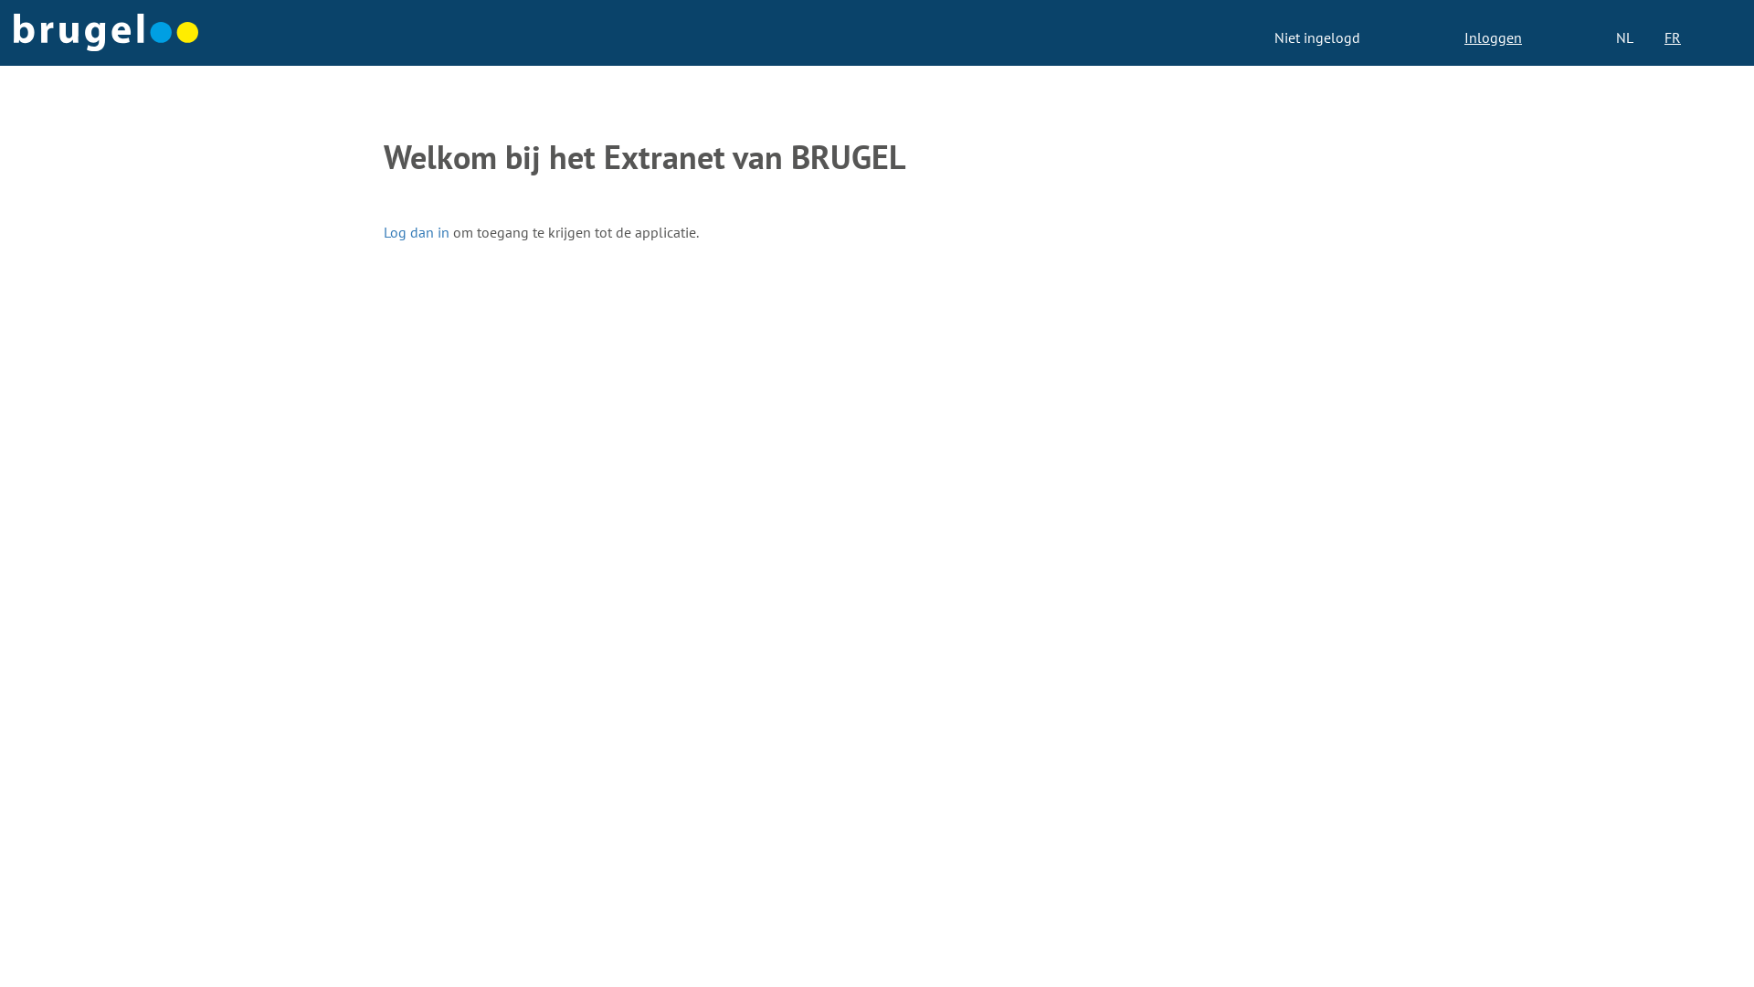 The height and width of the screenshot is (987, 1754). I want to click on 'Log dan in', so click(416, 231).